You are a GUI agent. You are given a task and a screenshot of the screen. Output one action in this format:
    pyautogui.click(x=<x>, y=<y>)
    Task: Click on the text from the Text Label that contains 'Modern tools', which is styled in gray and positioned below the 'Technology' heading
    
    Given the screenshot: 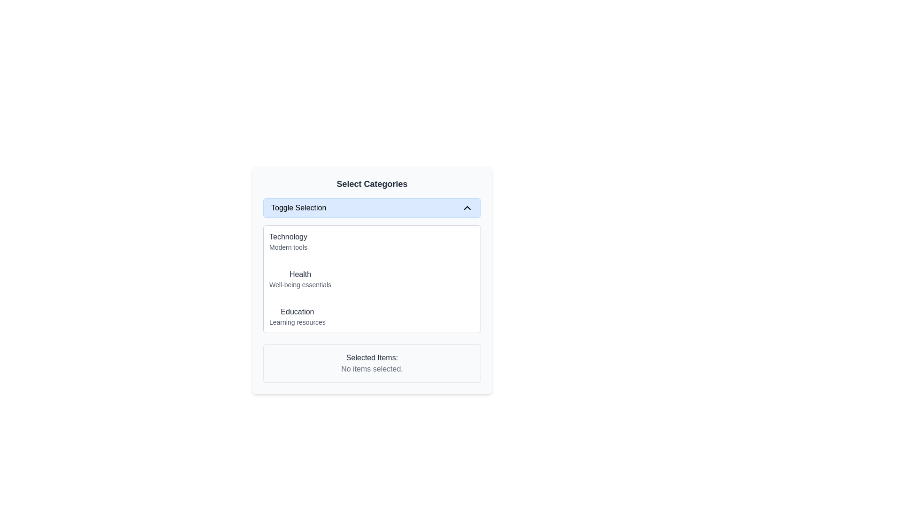 What is the action you would take?
    pyautogui.click(x=288, y=247)
    